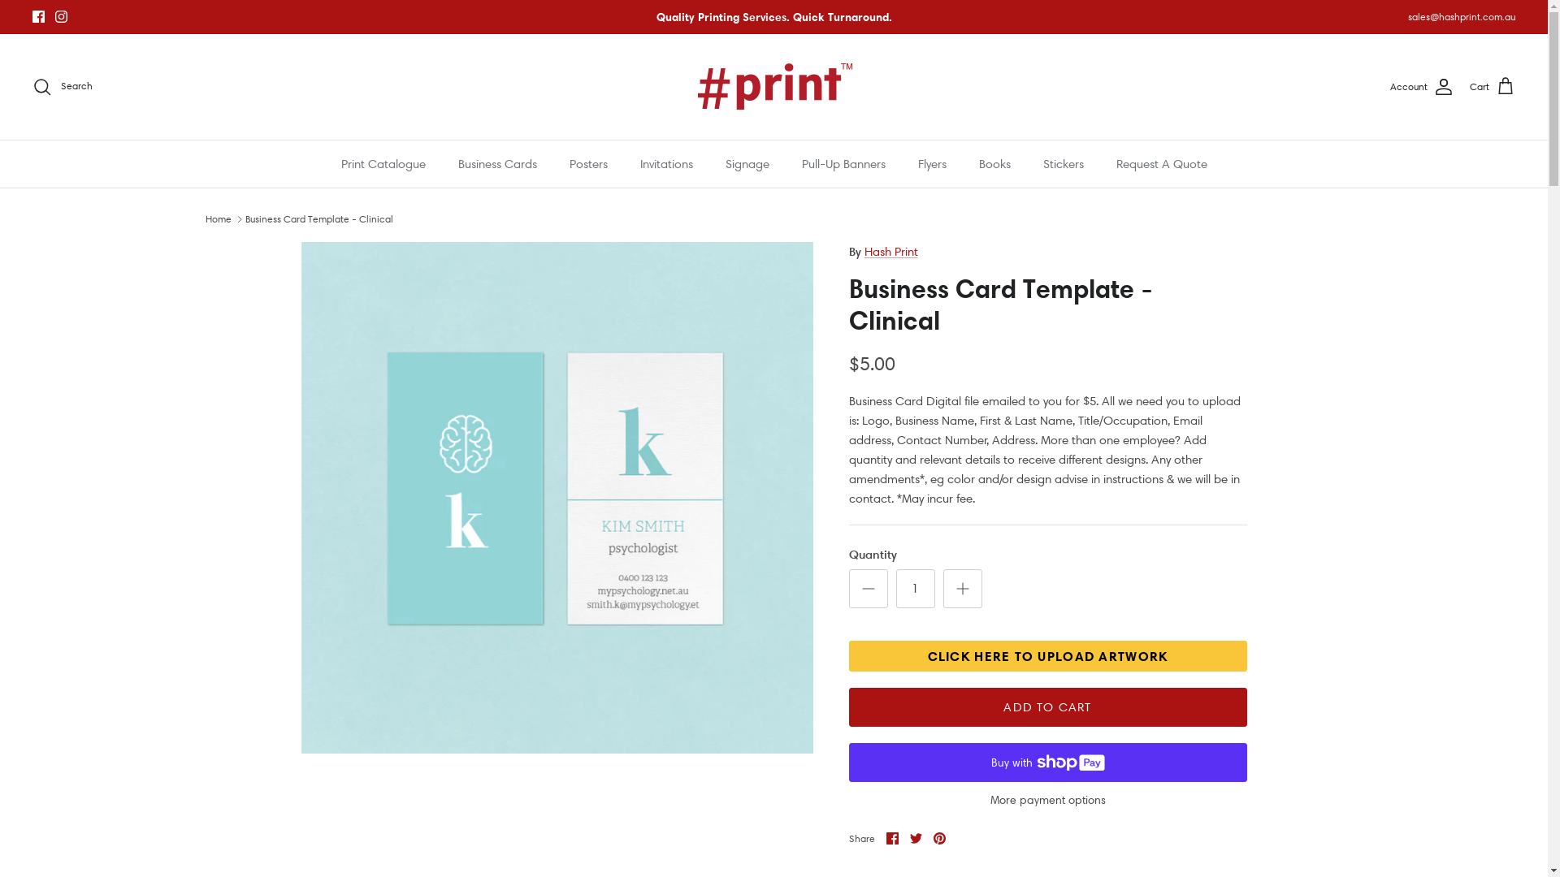 Image resolution: width=1560 pixels, height=877 pixels. What do you see at coordinates (1064, 164) in the screenshot?
I see `'Stickers'` at bounding box center [1064, 164].